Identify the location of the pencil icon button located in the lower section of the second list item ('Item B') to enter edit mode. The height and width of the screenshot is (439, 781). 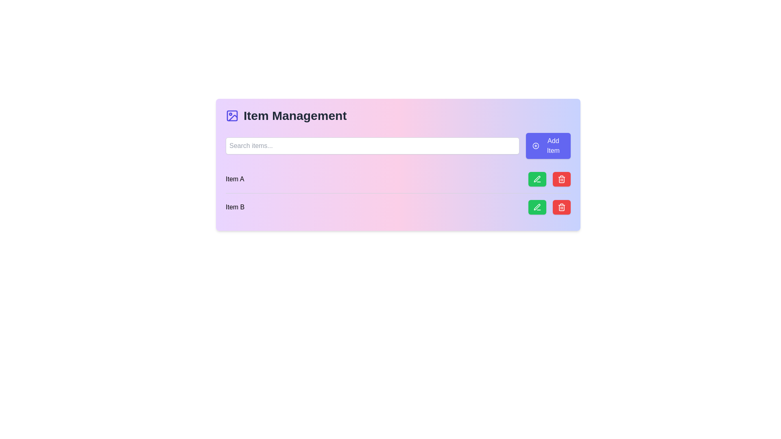
(537, 178).